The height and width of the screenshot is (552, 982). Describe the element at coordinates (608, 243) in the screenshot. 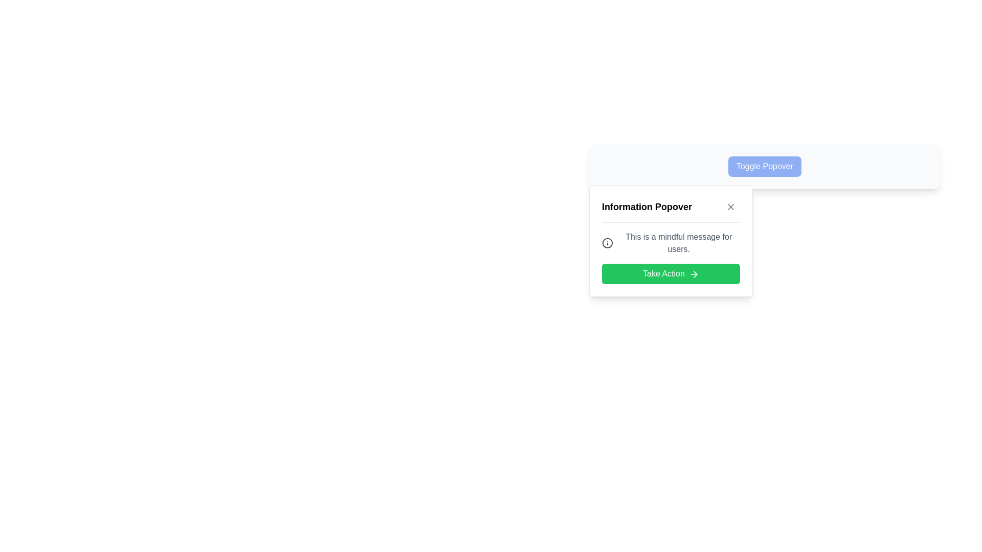

I see `the information icon located on the left side of the message that reads, 'This is a mindful message for users.'` at that location.